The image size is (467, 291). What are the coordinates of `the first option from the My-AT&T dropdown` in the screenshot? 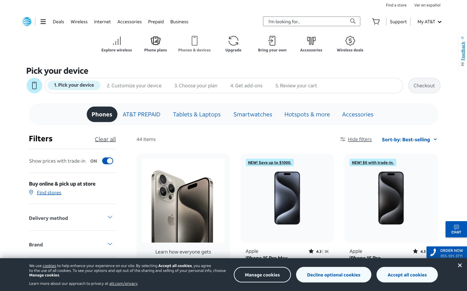 It's located at (429, 21).